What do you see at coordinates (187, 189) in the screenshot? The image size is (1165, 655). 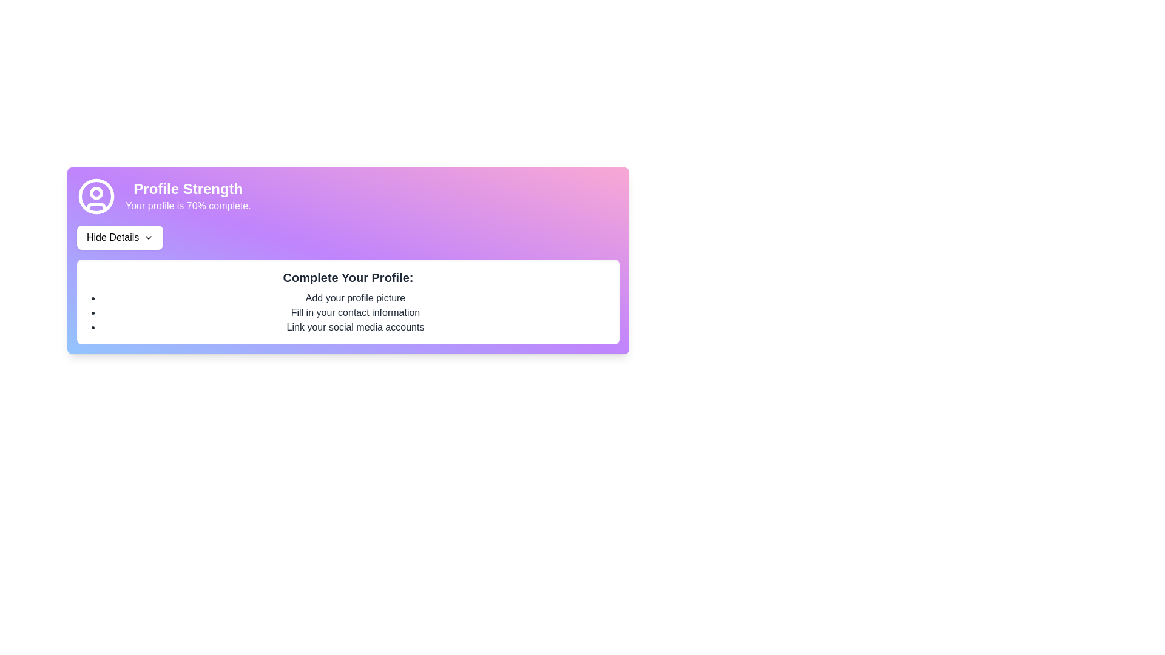 I see `text from the 'Profile Strength' label, which is a large, bold text element with a purple background gradient located at the top left section of the card` at bounding box center [187, 189].